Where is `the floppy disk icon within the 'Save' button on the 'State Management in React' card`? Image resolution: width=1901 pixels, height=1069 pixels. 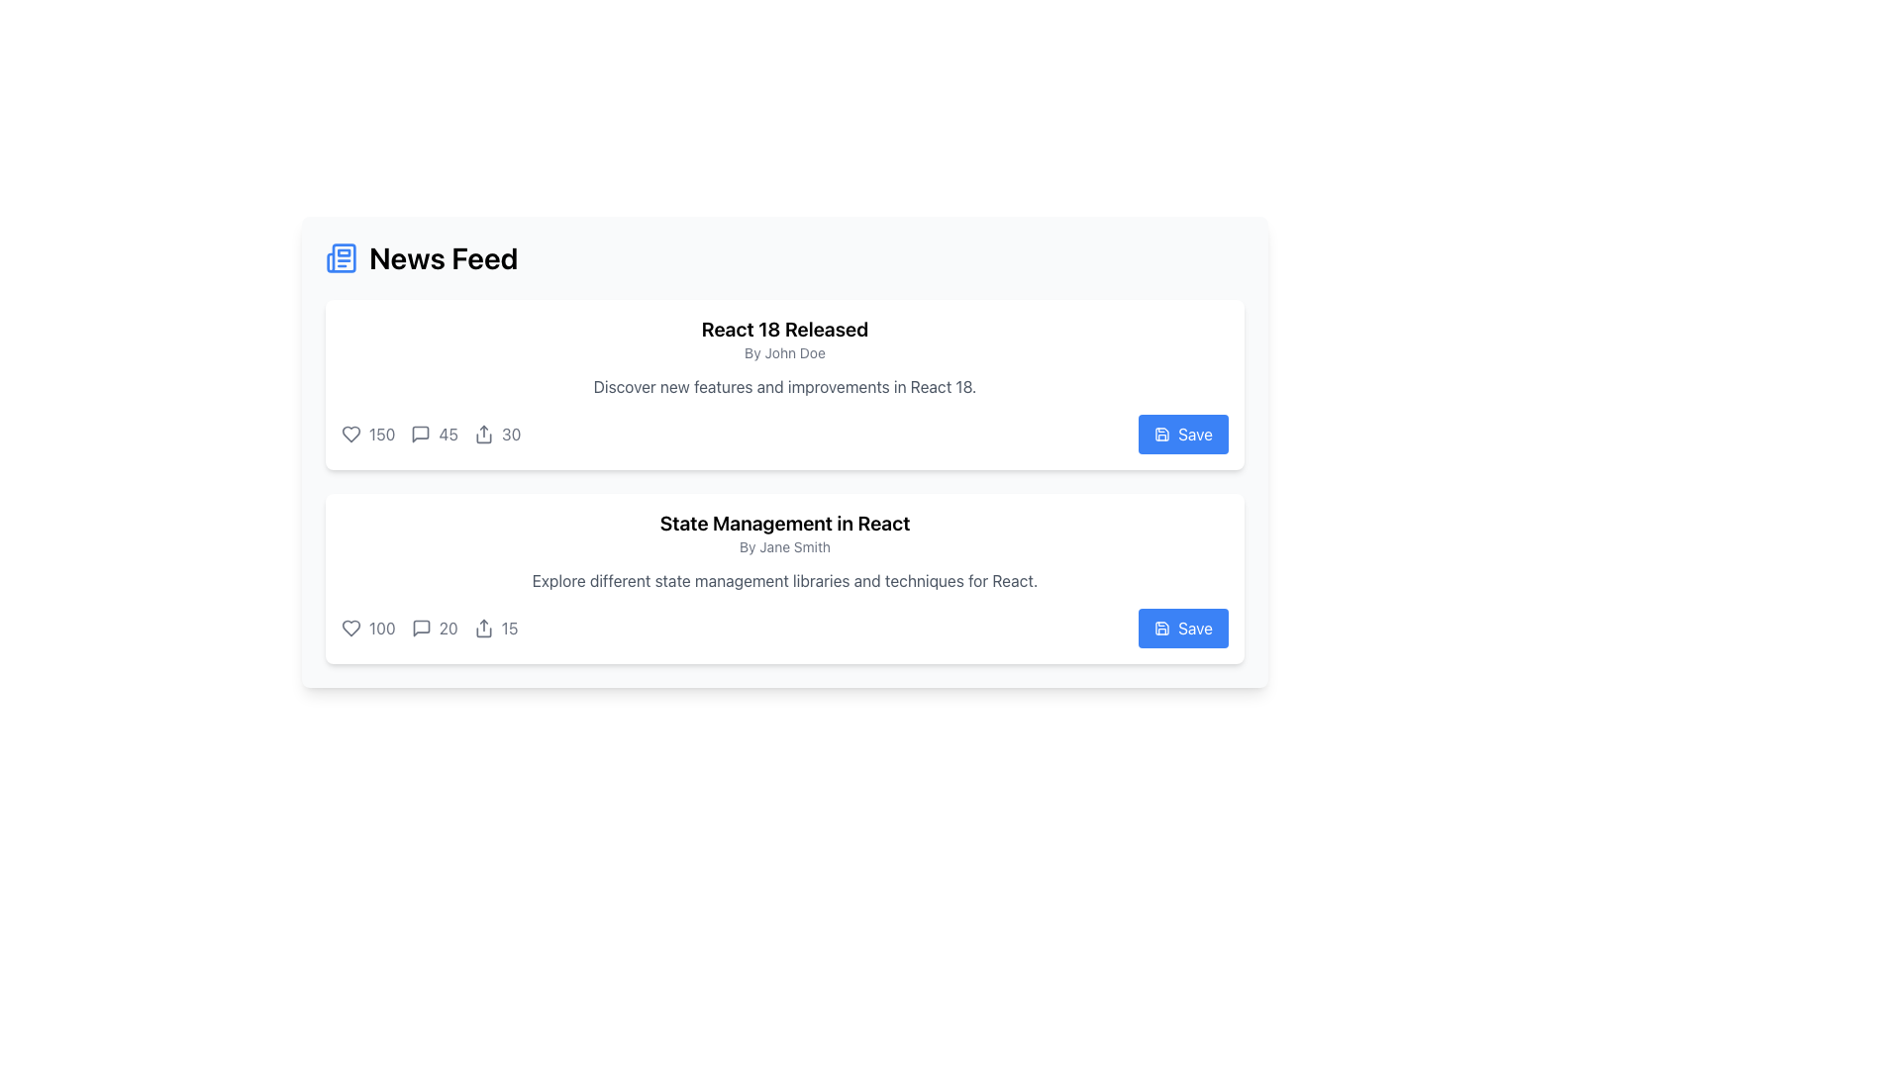
the floppy disk icon within the 'Save' button on the 'State Management in React' card is located at coordinates (1162, 629).